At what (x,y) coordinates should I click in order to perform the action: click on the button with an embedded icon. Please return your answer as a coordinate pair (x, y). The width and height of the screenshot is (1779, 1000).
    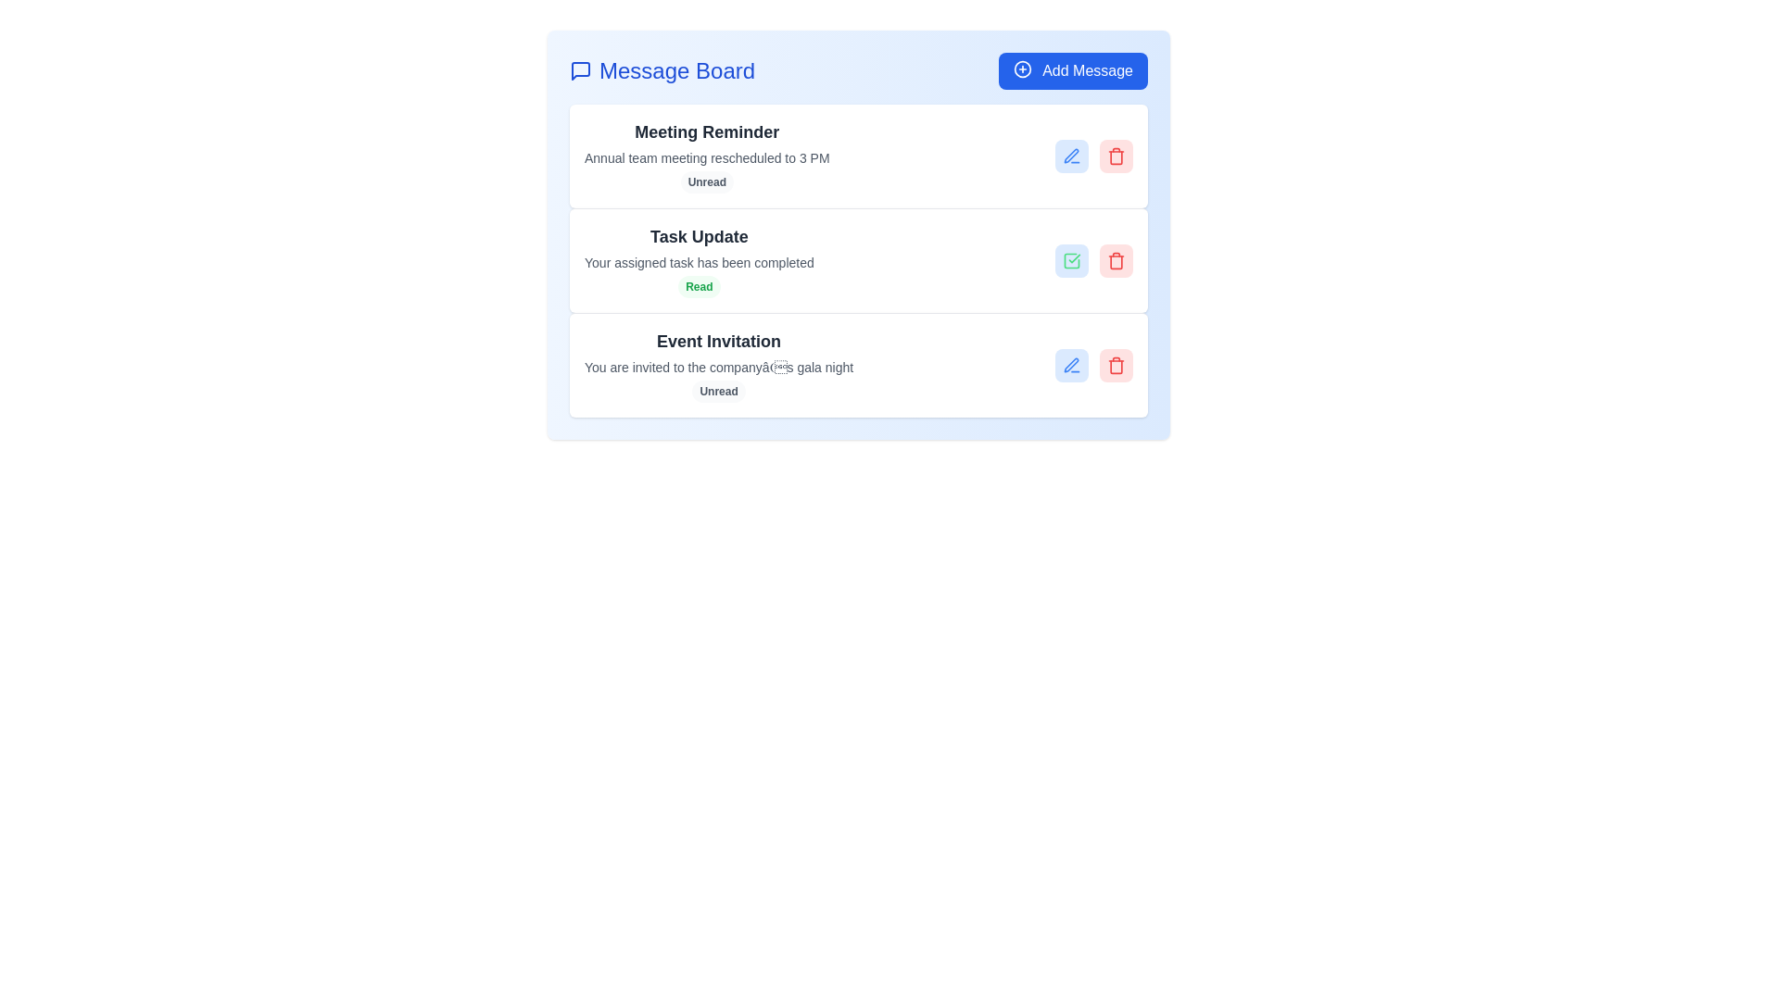
    Looking at the image, I should click on (1071, 365).